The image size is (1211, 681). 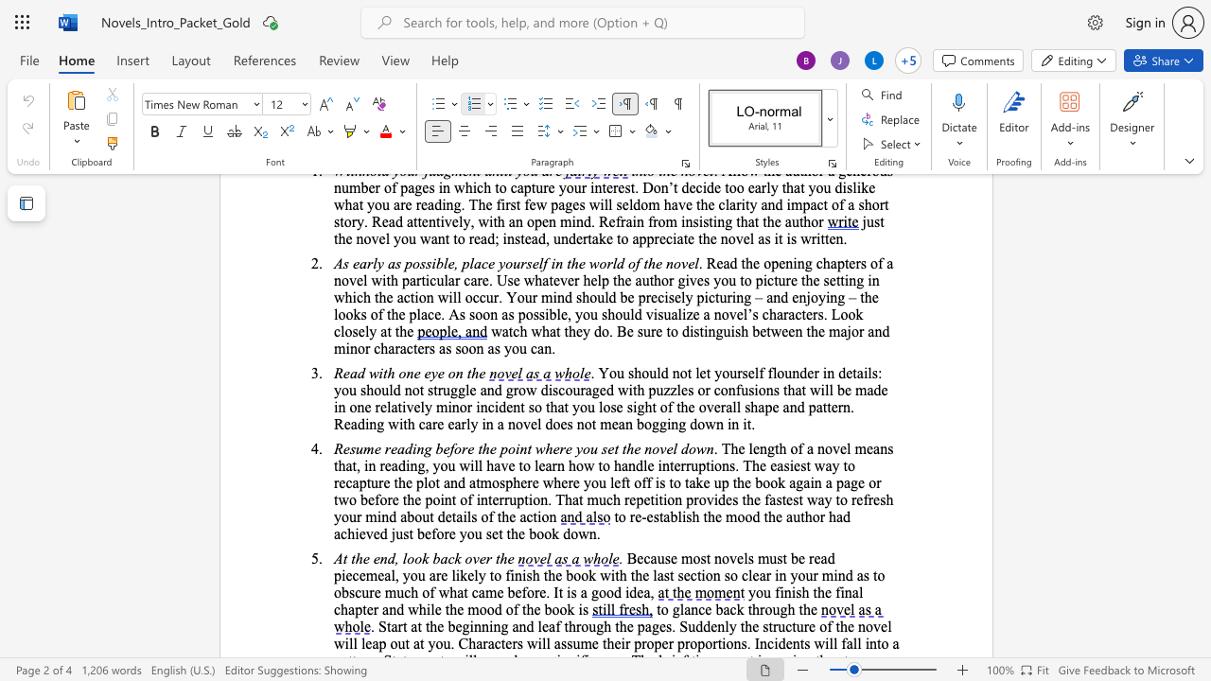 I want to click on the space between the continuous character "t" and "a" in the text, so click(x=456, y=516).